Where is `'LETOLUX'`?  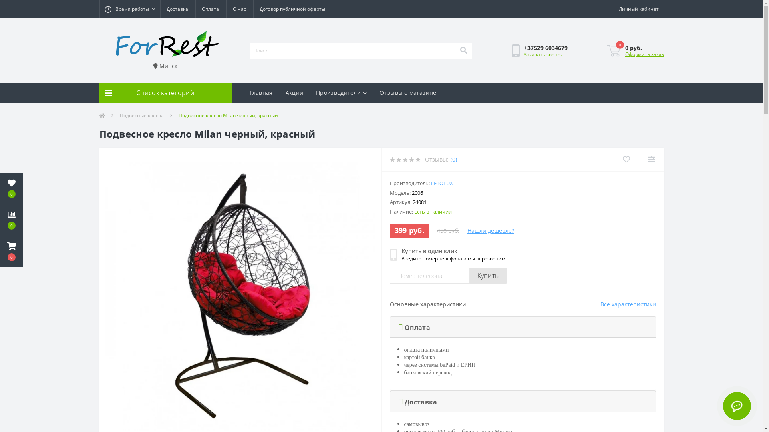 'LETOLUX' is located at coordinates (430, 183).